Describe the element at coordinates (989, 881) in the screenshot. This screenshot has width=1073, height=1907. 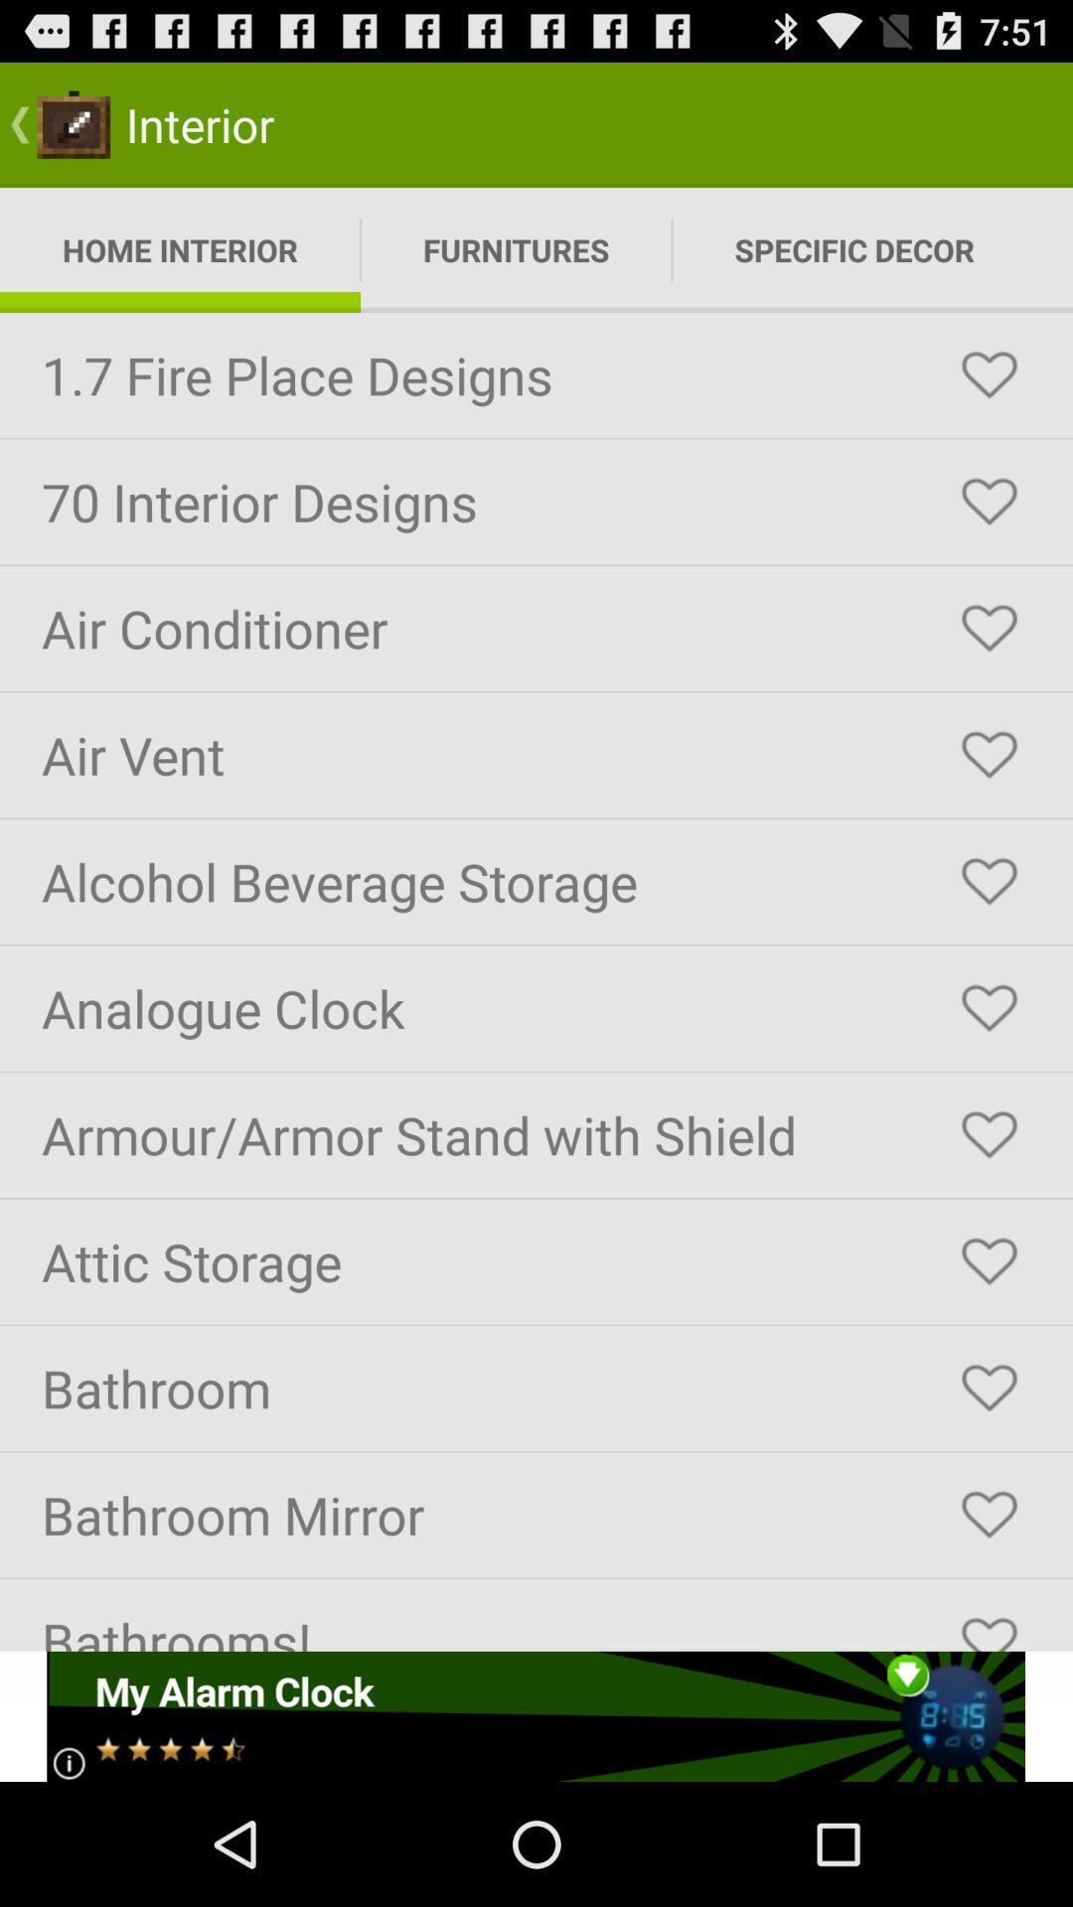
I see `select alcohol beverage storage` at that location.